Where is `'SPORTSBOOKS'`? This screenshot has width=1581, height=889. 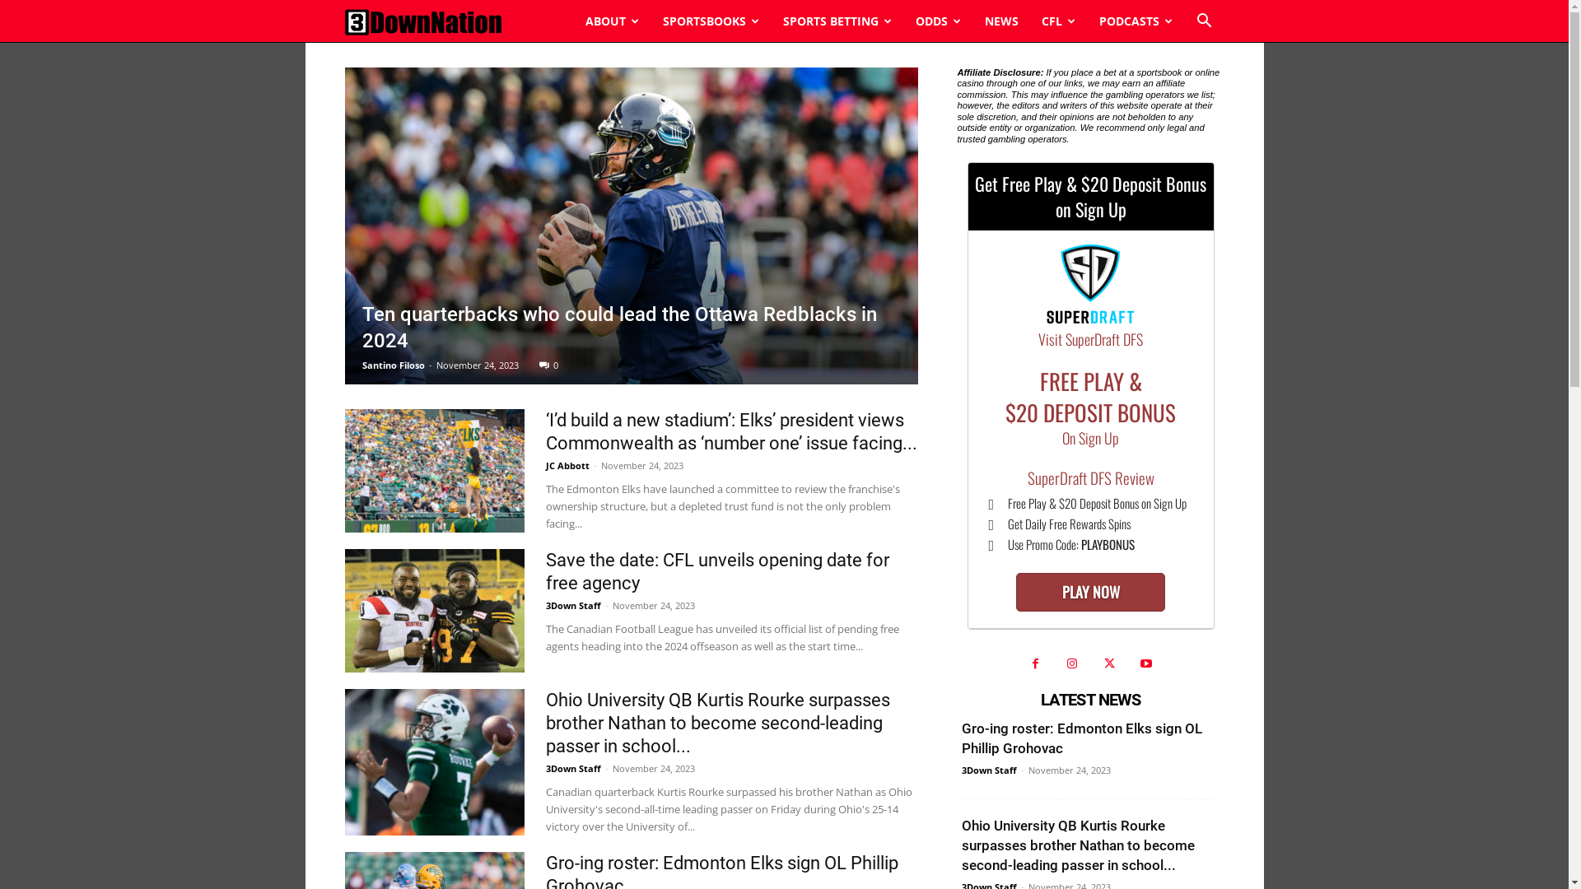
'SPORTSBOOKS' is located at coordinates (711, 21).